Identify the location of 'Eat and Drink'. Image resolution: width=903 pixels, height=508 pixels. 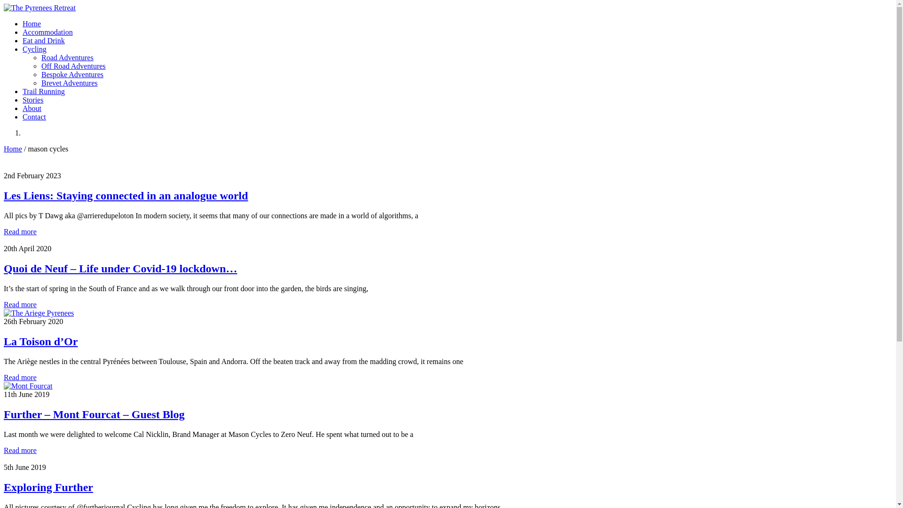
(43, 40).